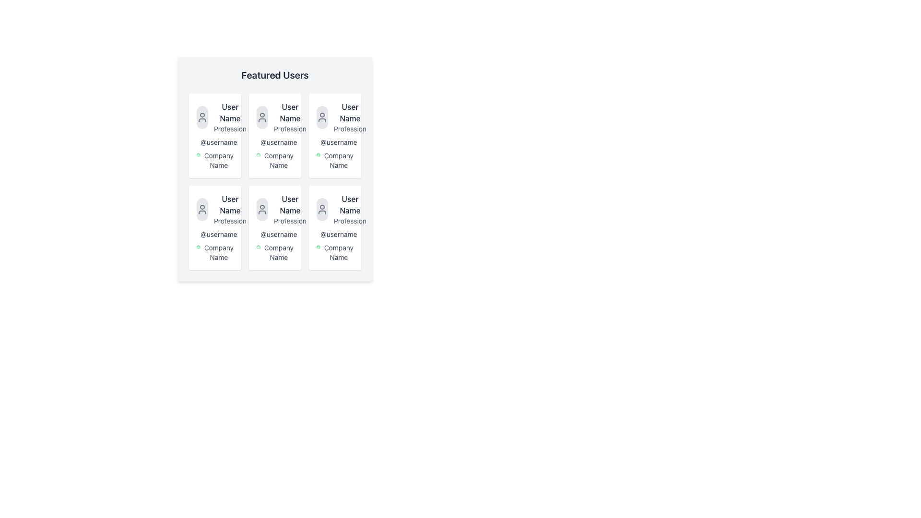 The width and height of the screenshot is (921, 518). I want to click on the username text label located within the top-right user card of a grid layout, which displays the user's username and is recognized as clickable, though non-interactive in this context, so click(335, 142).